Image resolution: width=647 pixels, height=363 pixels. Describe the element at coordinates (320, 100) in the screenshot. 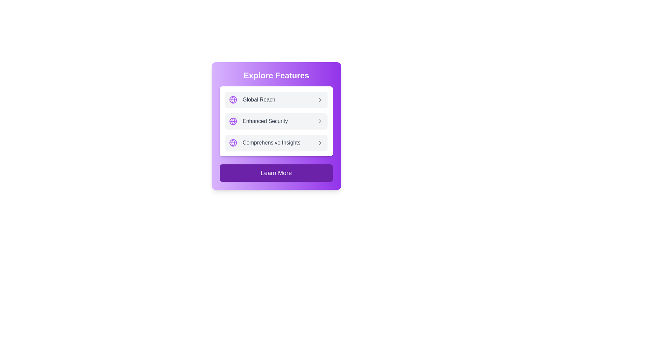

I see `the right-facing chevron icon located` at that location.